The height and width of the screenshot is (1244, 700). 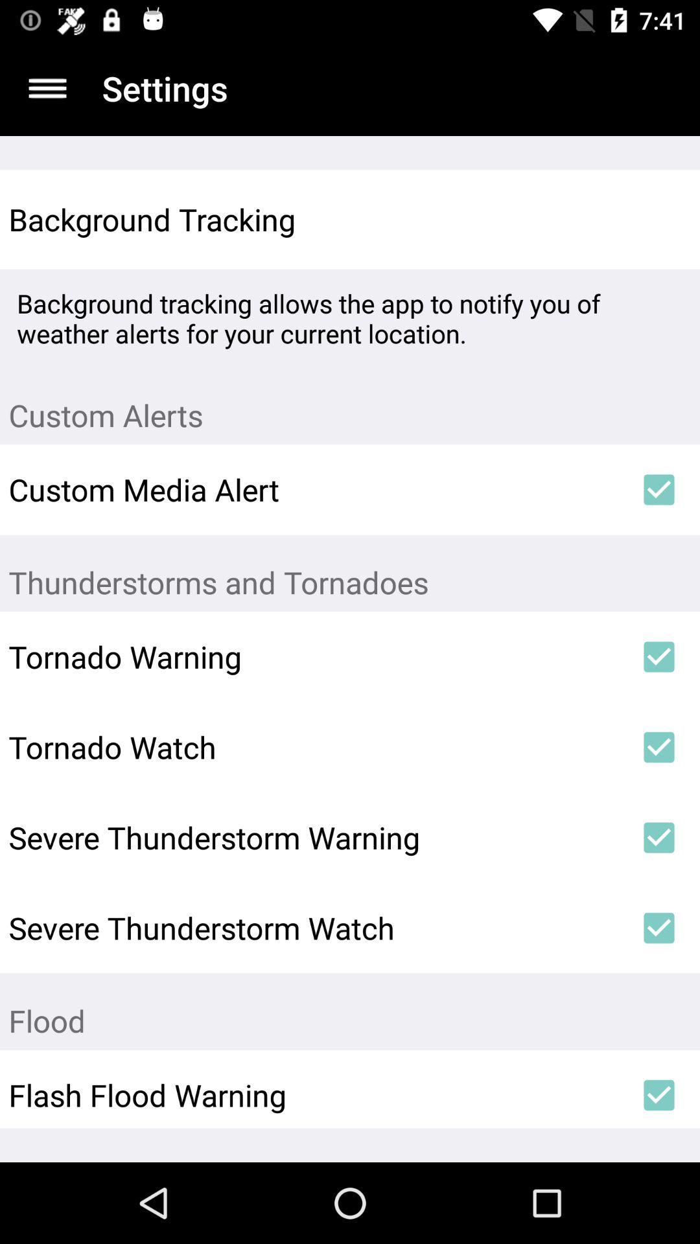 What do you see at coordinates (47, 87) in the screenshot?
I see `the menu icon` at bounding box center [47, 87].